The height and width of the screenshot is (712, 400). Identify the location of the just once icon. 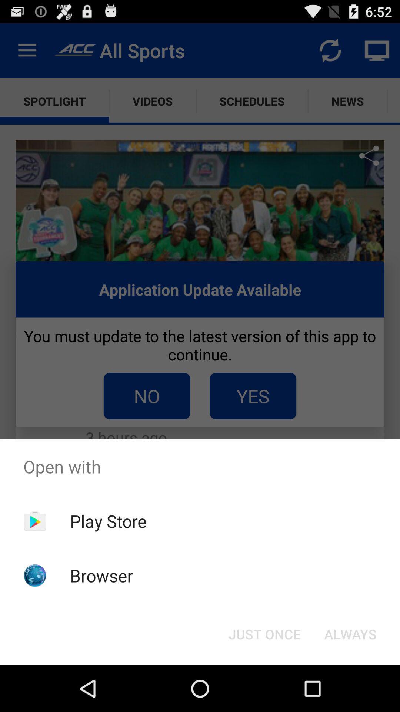
(264, 633).